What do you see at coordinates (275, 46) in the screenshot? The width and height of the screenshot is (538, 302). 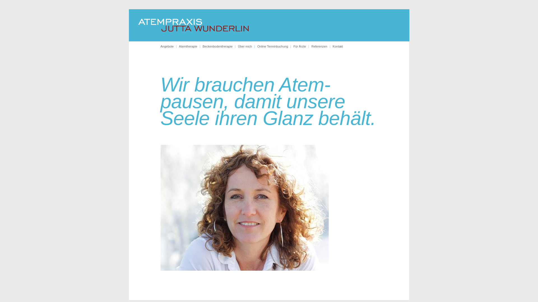 I see `'Online Terminbuchung | '` at bounding box center [275, 46].